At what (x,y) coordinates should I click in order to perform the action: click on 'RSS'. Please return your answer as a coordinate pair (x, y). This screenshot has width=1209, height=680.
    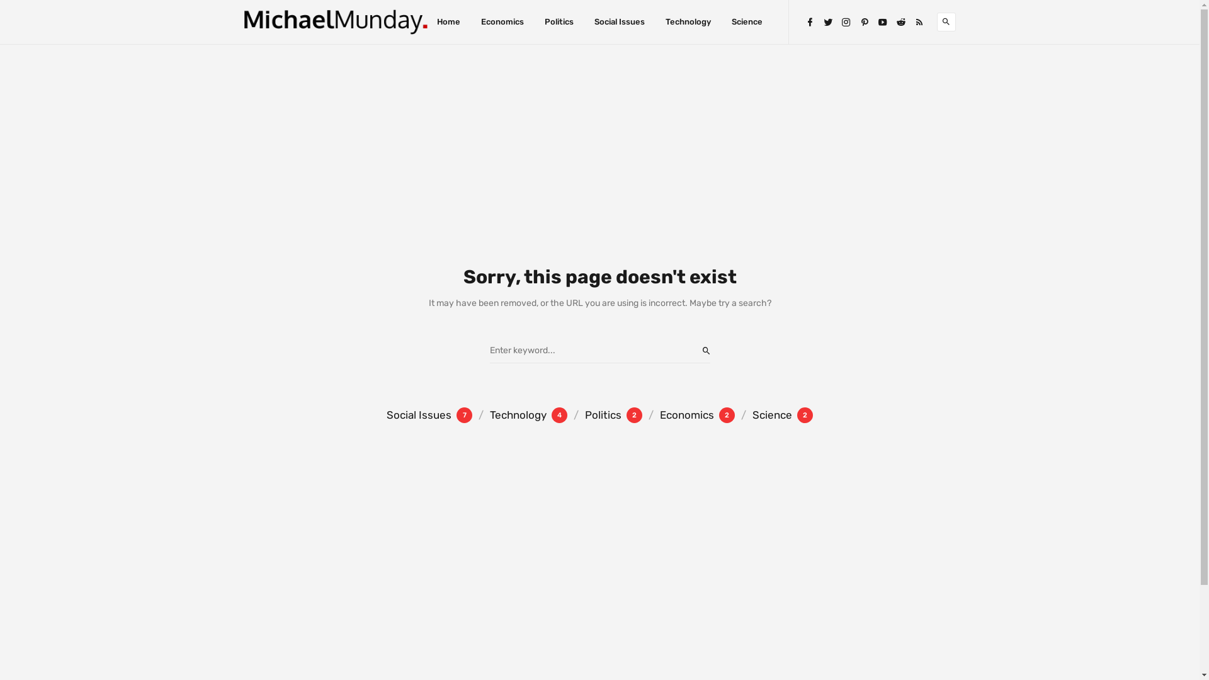
    Looking at the image, I should click on (919, 21).